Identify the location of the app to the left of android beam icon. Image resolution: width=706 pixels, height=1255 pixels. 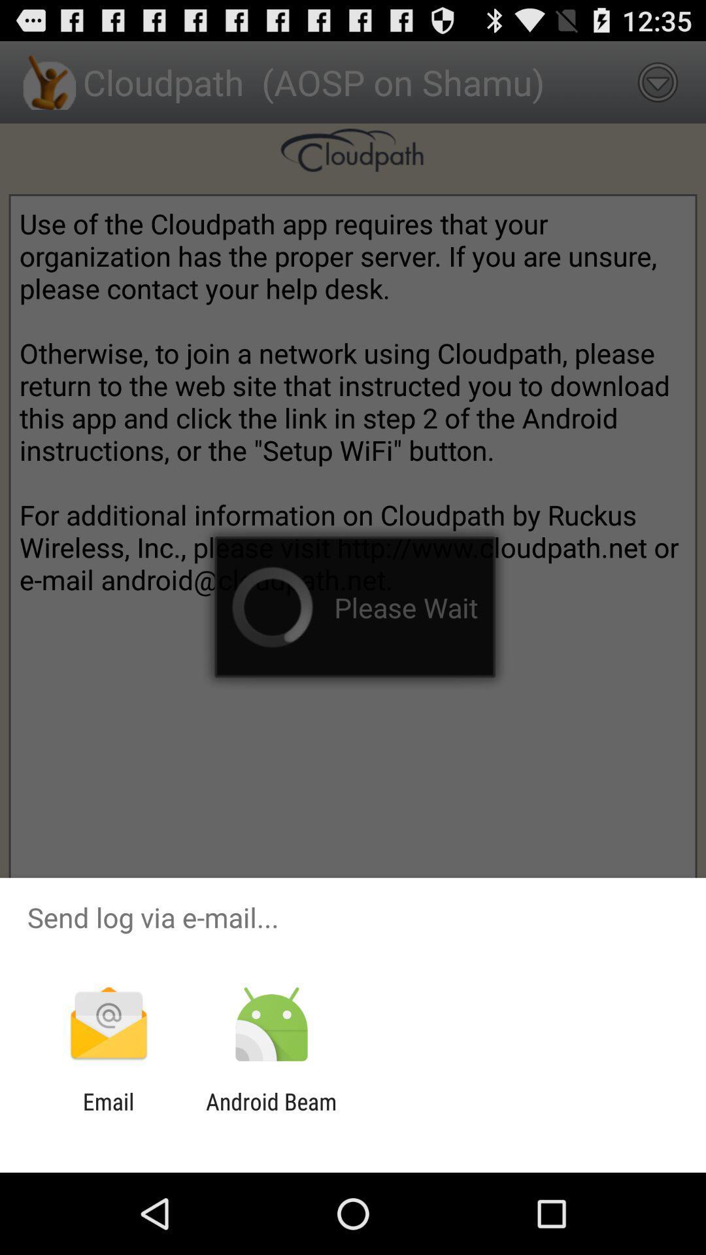
(108, 1114).